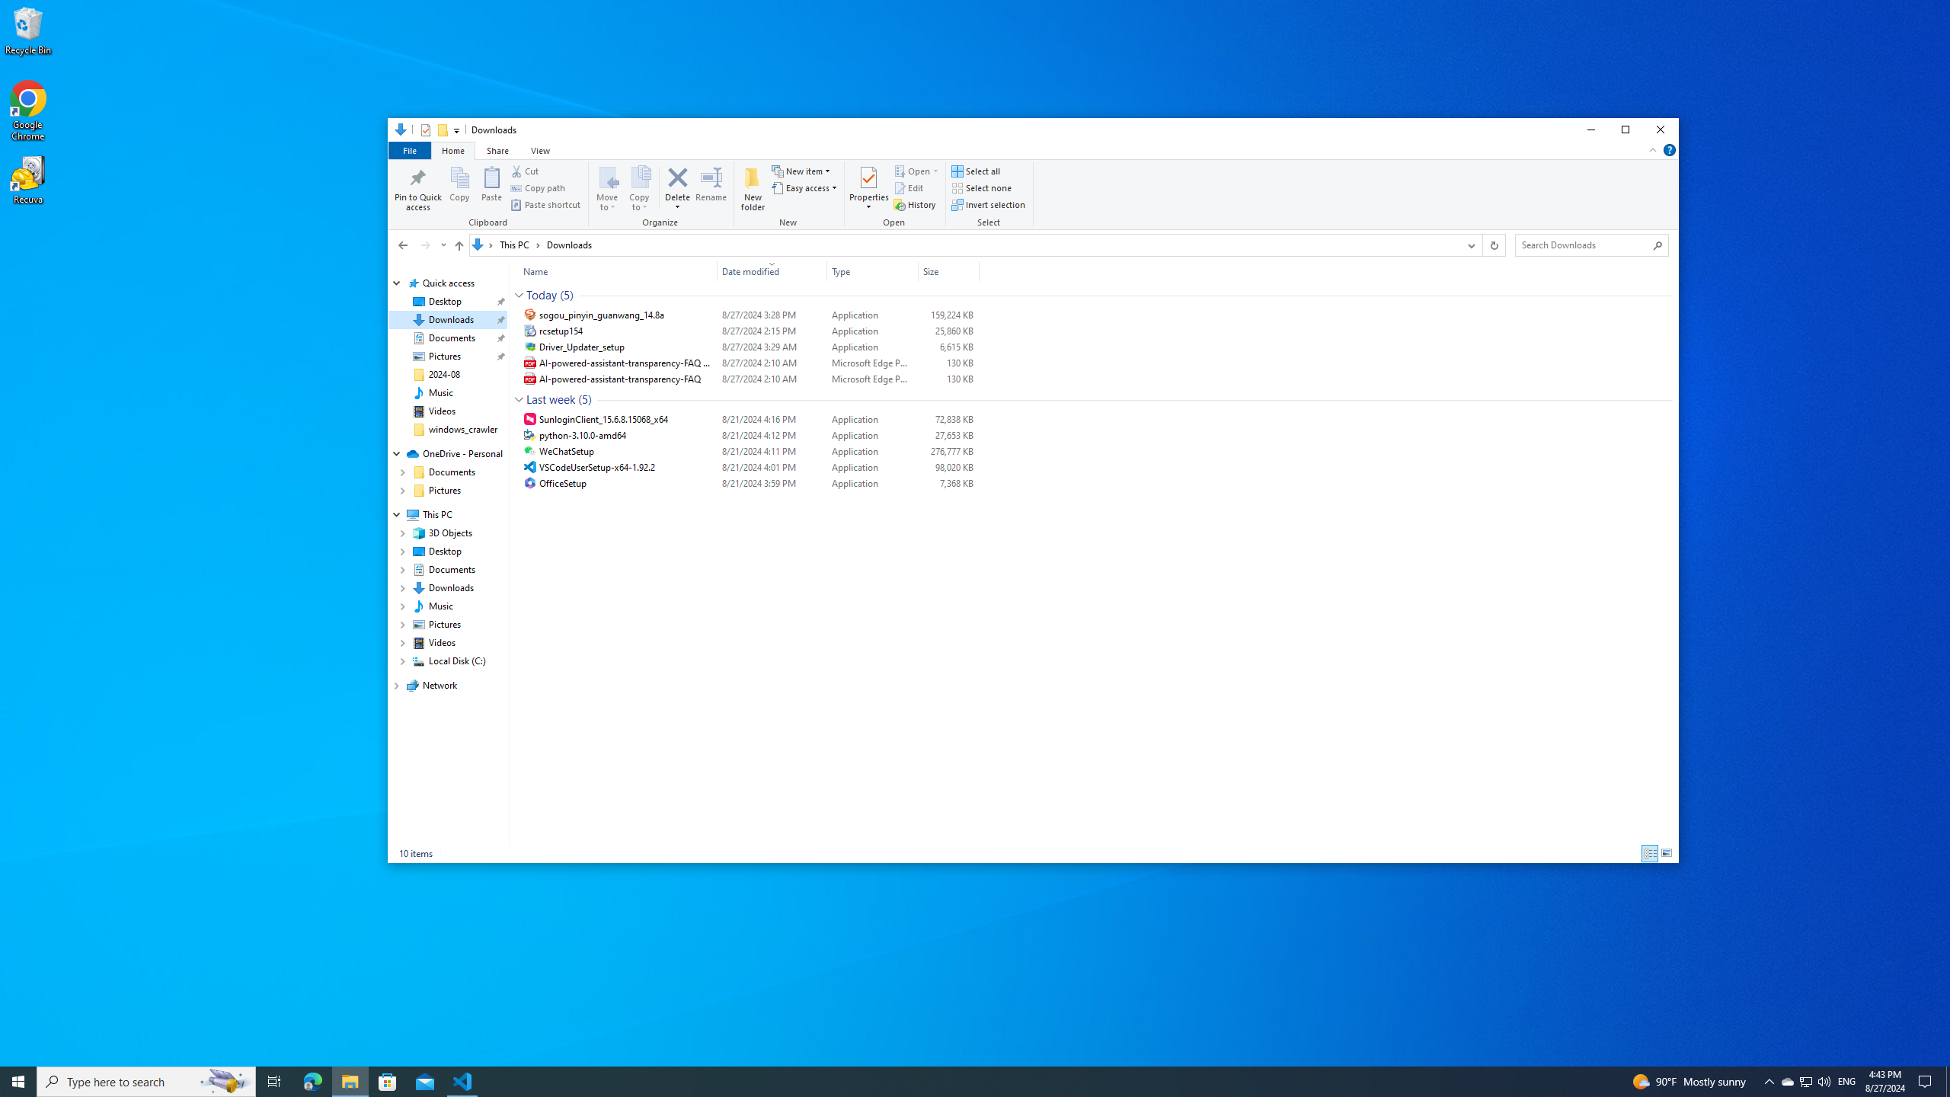 This screenshot has width=1950, height=1097. Describe the element at coordinates (425, 245) in the screenshot. I see `'Forward (Alt + Right Arrow)'` at that location.